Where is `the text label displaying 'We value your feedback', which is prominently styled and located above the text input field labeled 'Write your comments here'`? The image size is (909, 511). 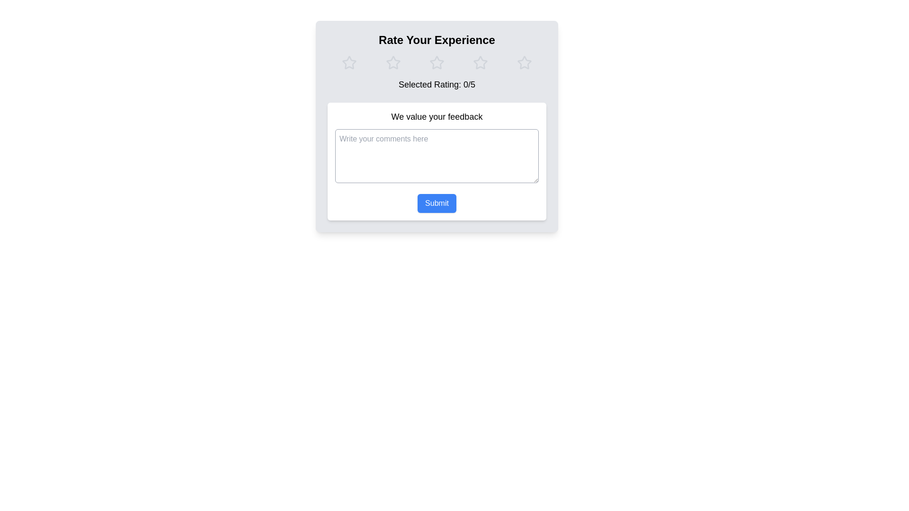 the text label displaying 'We value your feedback', which is prominently styled and located above the text input field labeled 'Write your comments here' is located at coordinates (436, 116).